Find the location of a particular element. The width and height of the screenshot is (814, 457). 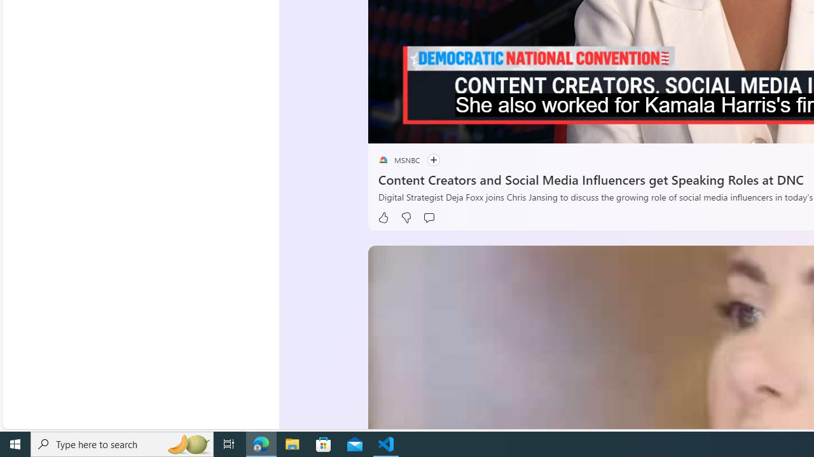

'Like' is located at coordinates (382, 217).